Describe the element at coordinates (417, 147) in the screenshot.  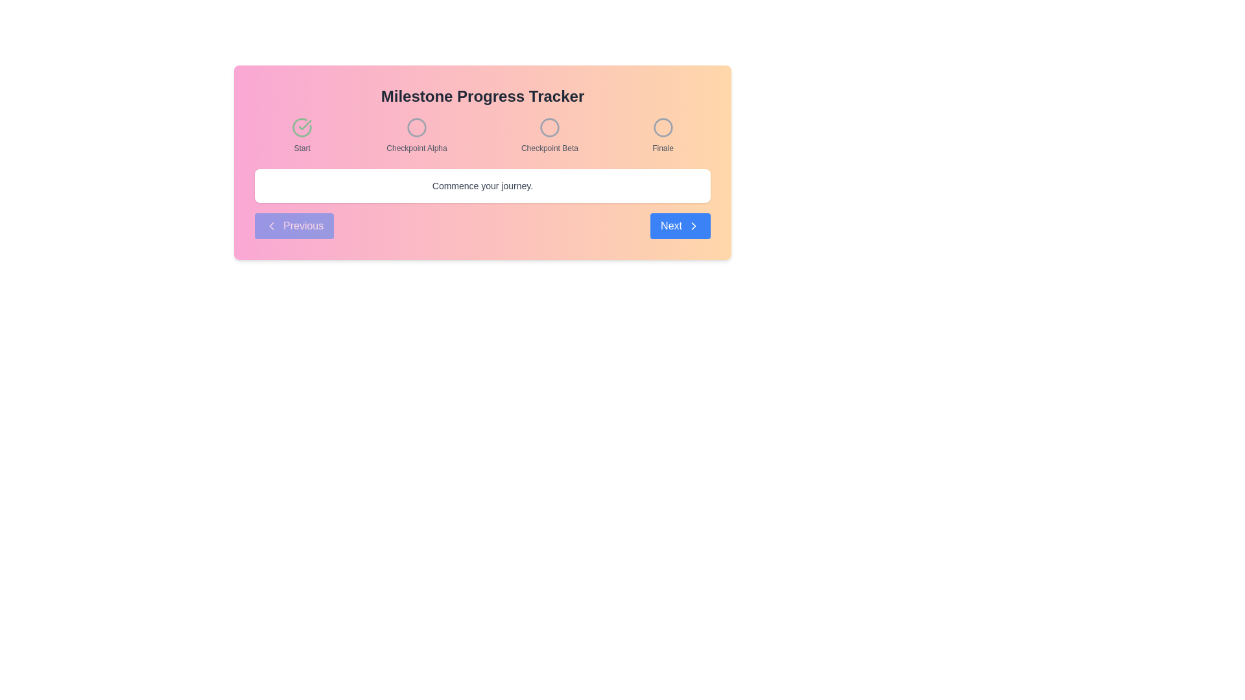
I see `the static text label 'Checkpoint Alpha', which is located under the second milestone checkpoint in the progress tracker bar` at that location.